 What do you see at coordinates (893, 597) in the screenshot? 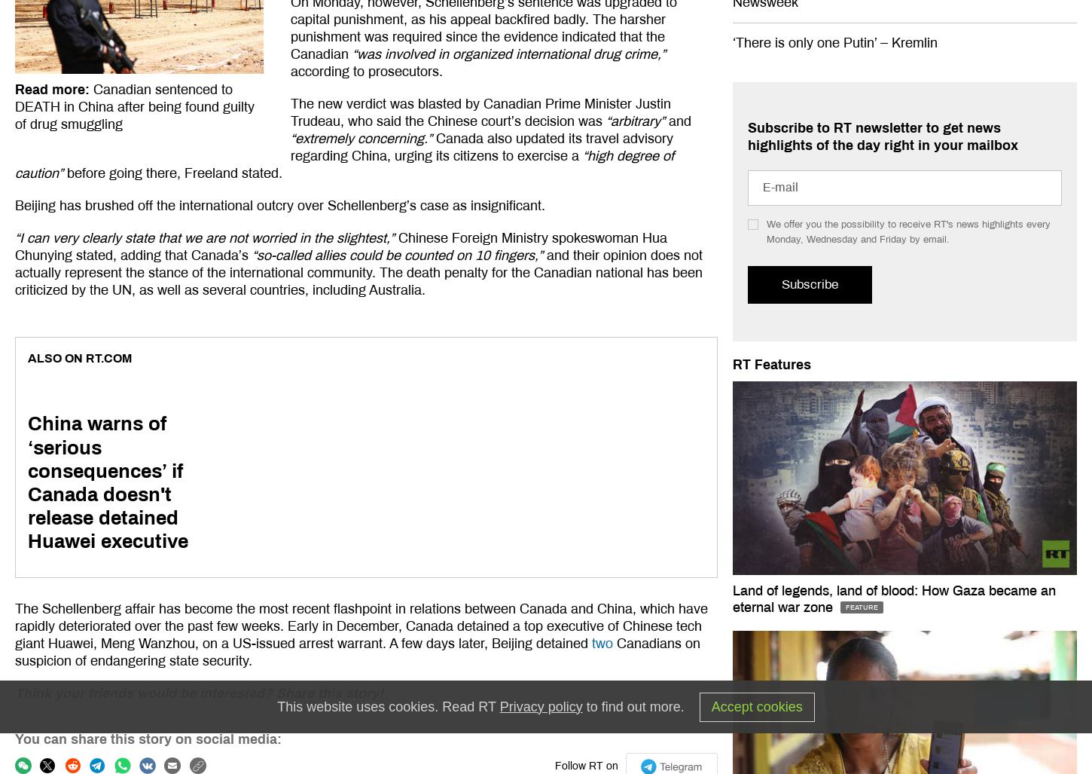
I see `'Land of legends, land of blood: How Gaza became an eternal war zone'` at bounding box center [893, 597].